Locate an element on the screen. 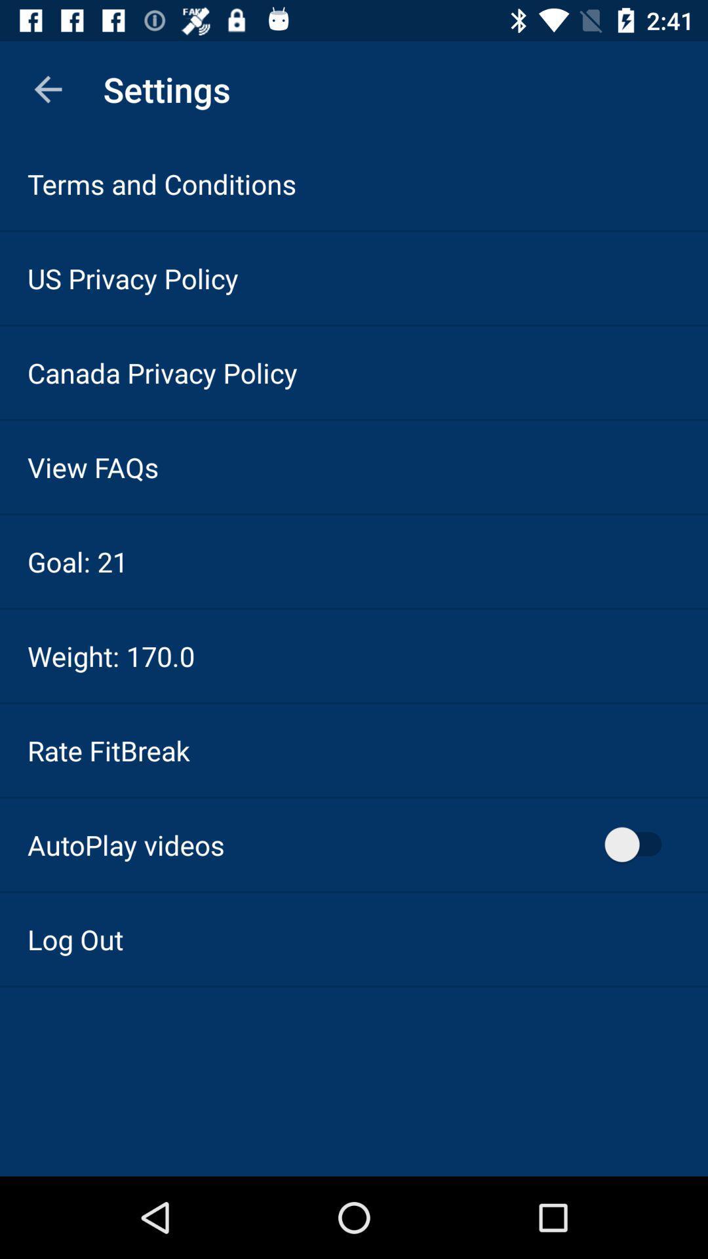 The width and height of the screenshot is (708, 1259). item next to the autoplay videos item is located at coordinates (639, 845).